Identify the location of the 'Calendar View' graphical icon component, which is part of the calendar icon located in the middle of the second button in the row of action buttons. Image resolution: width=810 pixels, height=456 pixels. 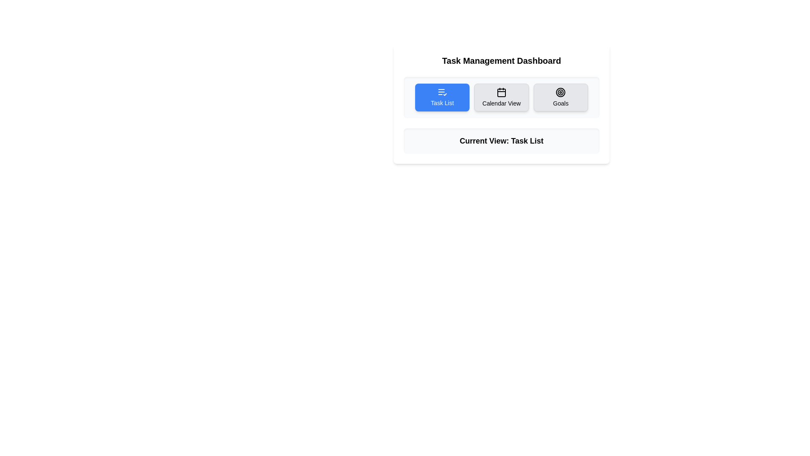
(502, 92).